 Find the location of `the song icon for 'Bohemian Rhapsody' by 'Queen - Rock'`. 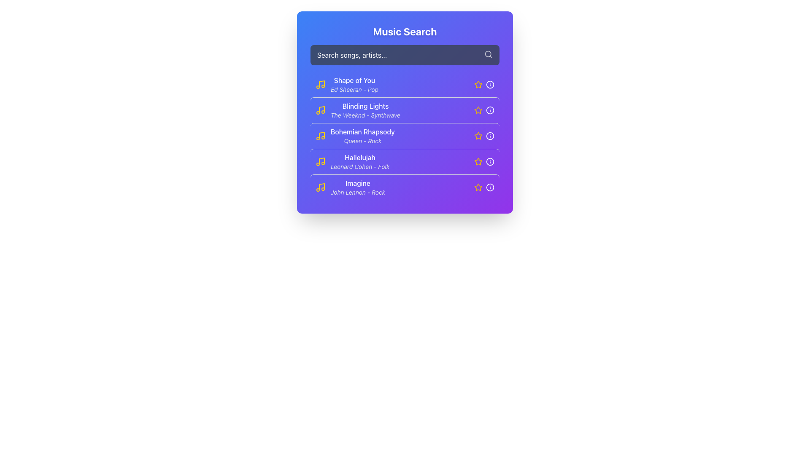

the song icon for 'Bohemian Rhapsody' by 'Queen - Rock' is located at coordinates (320, 136).